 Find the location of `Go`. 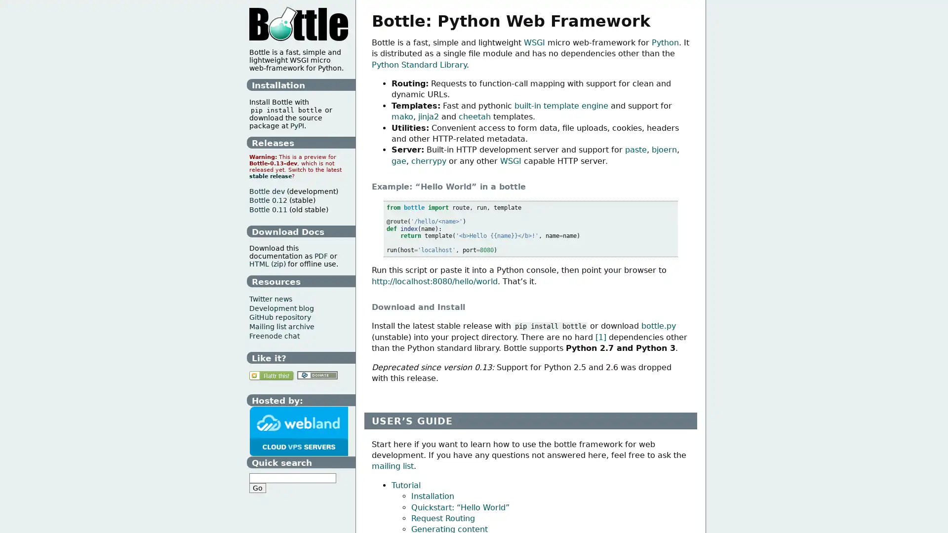

Go is located at coordinates (258, 487).